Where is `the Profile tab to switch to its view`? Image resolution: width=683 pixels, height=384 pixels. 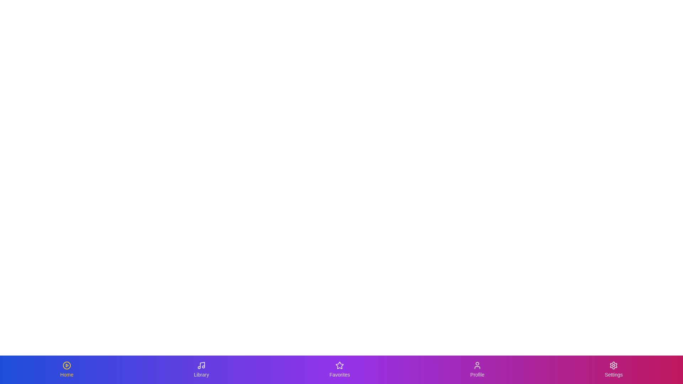
the Profile tab to switch to its view is located at coordinates (477, 369).